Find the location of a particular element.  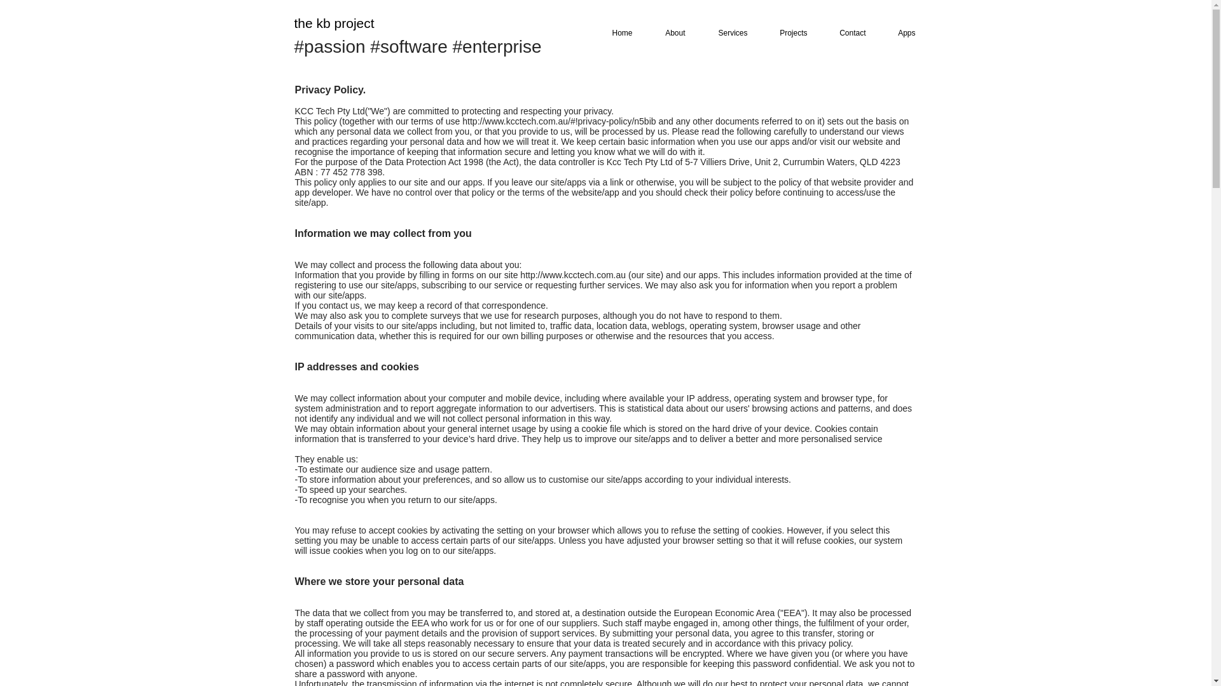

'Home' is located at coordinates (616, 32).